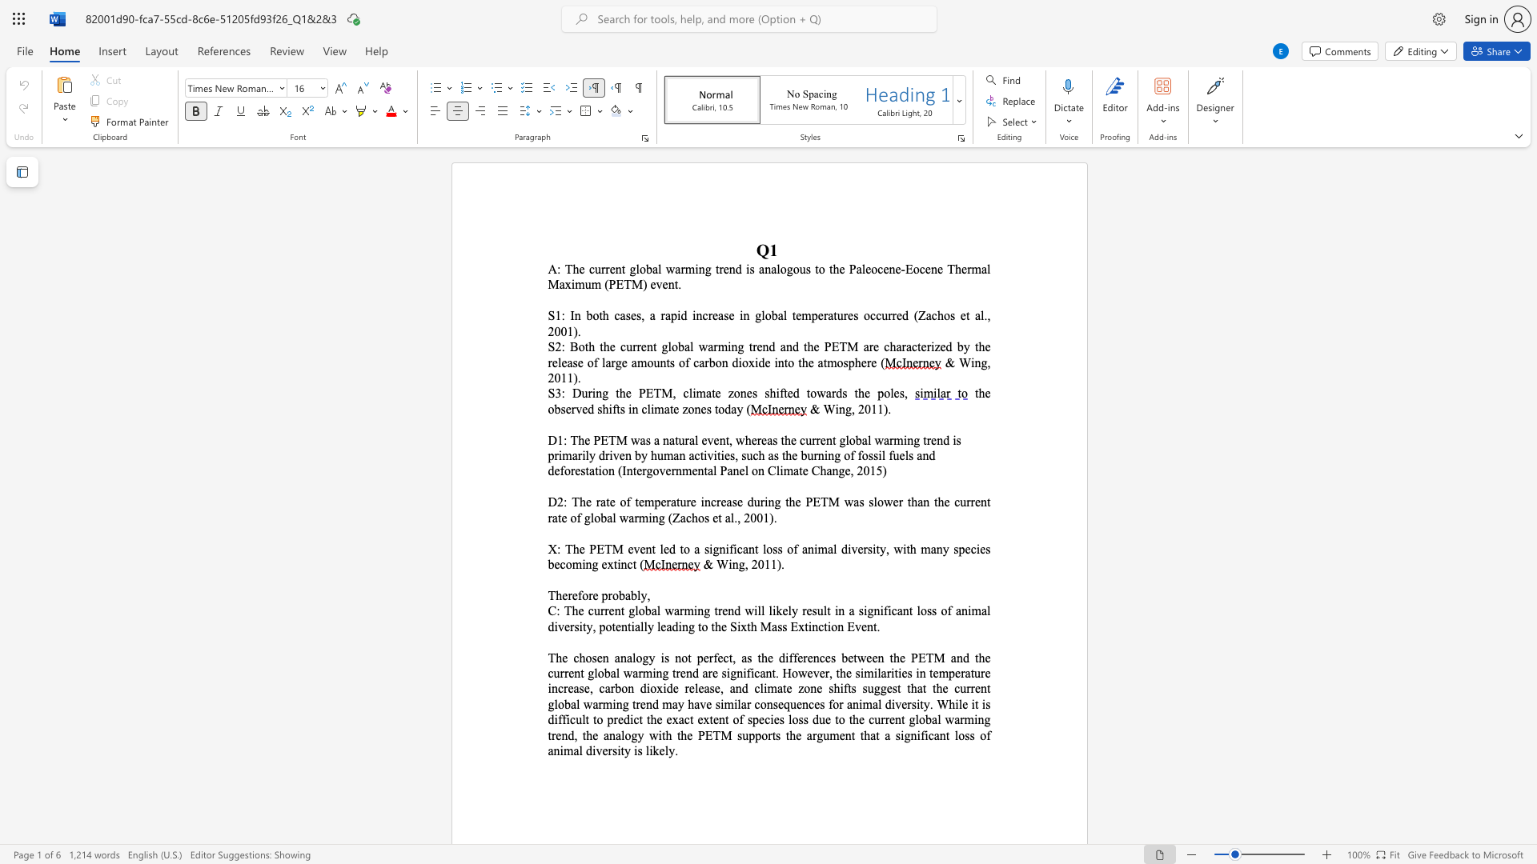 Image resolution: width=1537 pixels, height=864 pixels. I want to click on the subset text "al temperatures occurred (Zachos et al., 2" within the text "S1: In both cases, a rapid increase in global temperatures occurred (Zachos et al., 2001).", so click(777, 315).